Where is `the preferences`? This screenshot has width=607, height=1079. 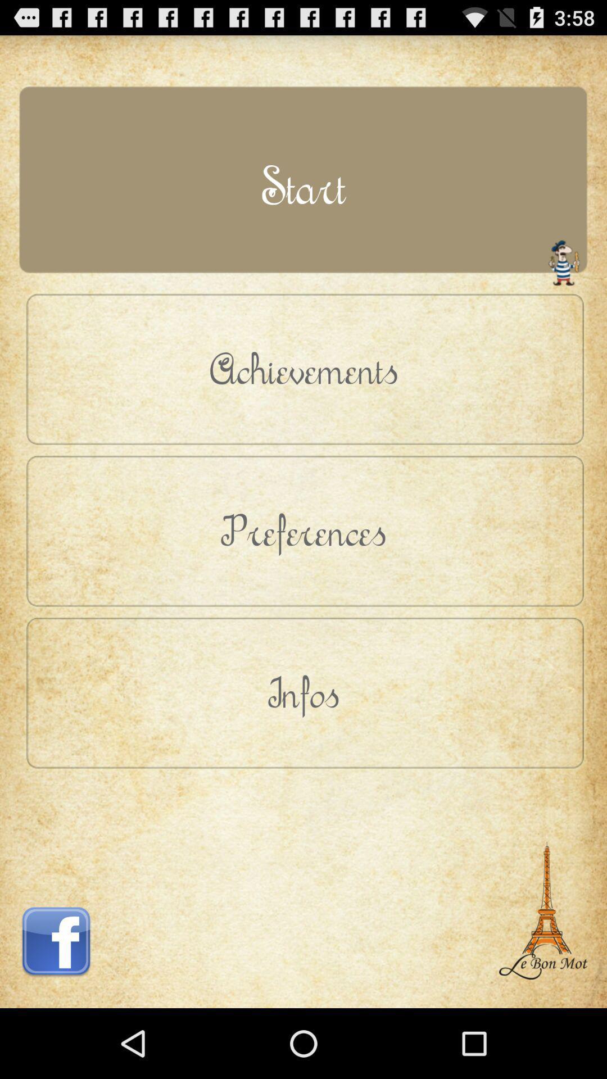 the preferences is located at coordinates (303, 530).